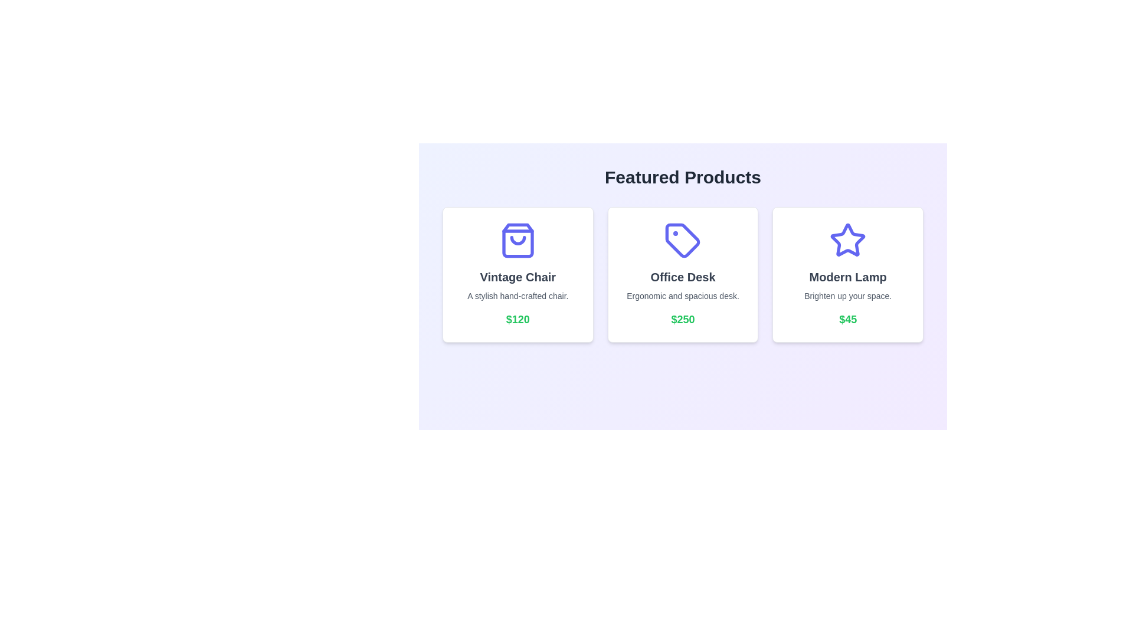 The width and height of the screenshot is (1133, 637). I want to click on product details displayed on the first Card component in the horizontal list, which contains text and image information about the product, so click(518, 275).